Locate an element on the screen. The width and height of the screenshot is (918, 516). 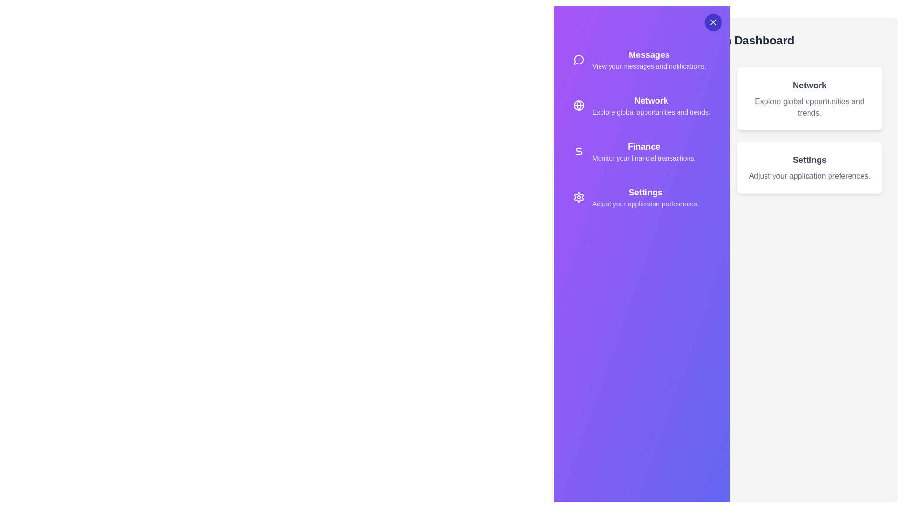
the option Messages from the sidebar is located at coordinates (642, 59).